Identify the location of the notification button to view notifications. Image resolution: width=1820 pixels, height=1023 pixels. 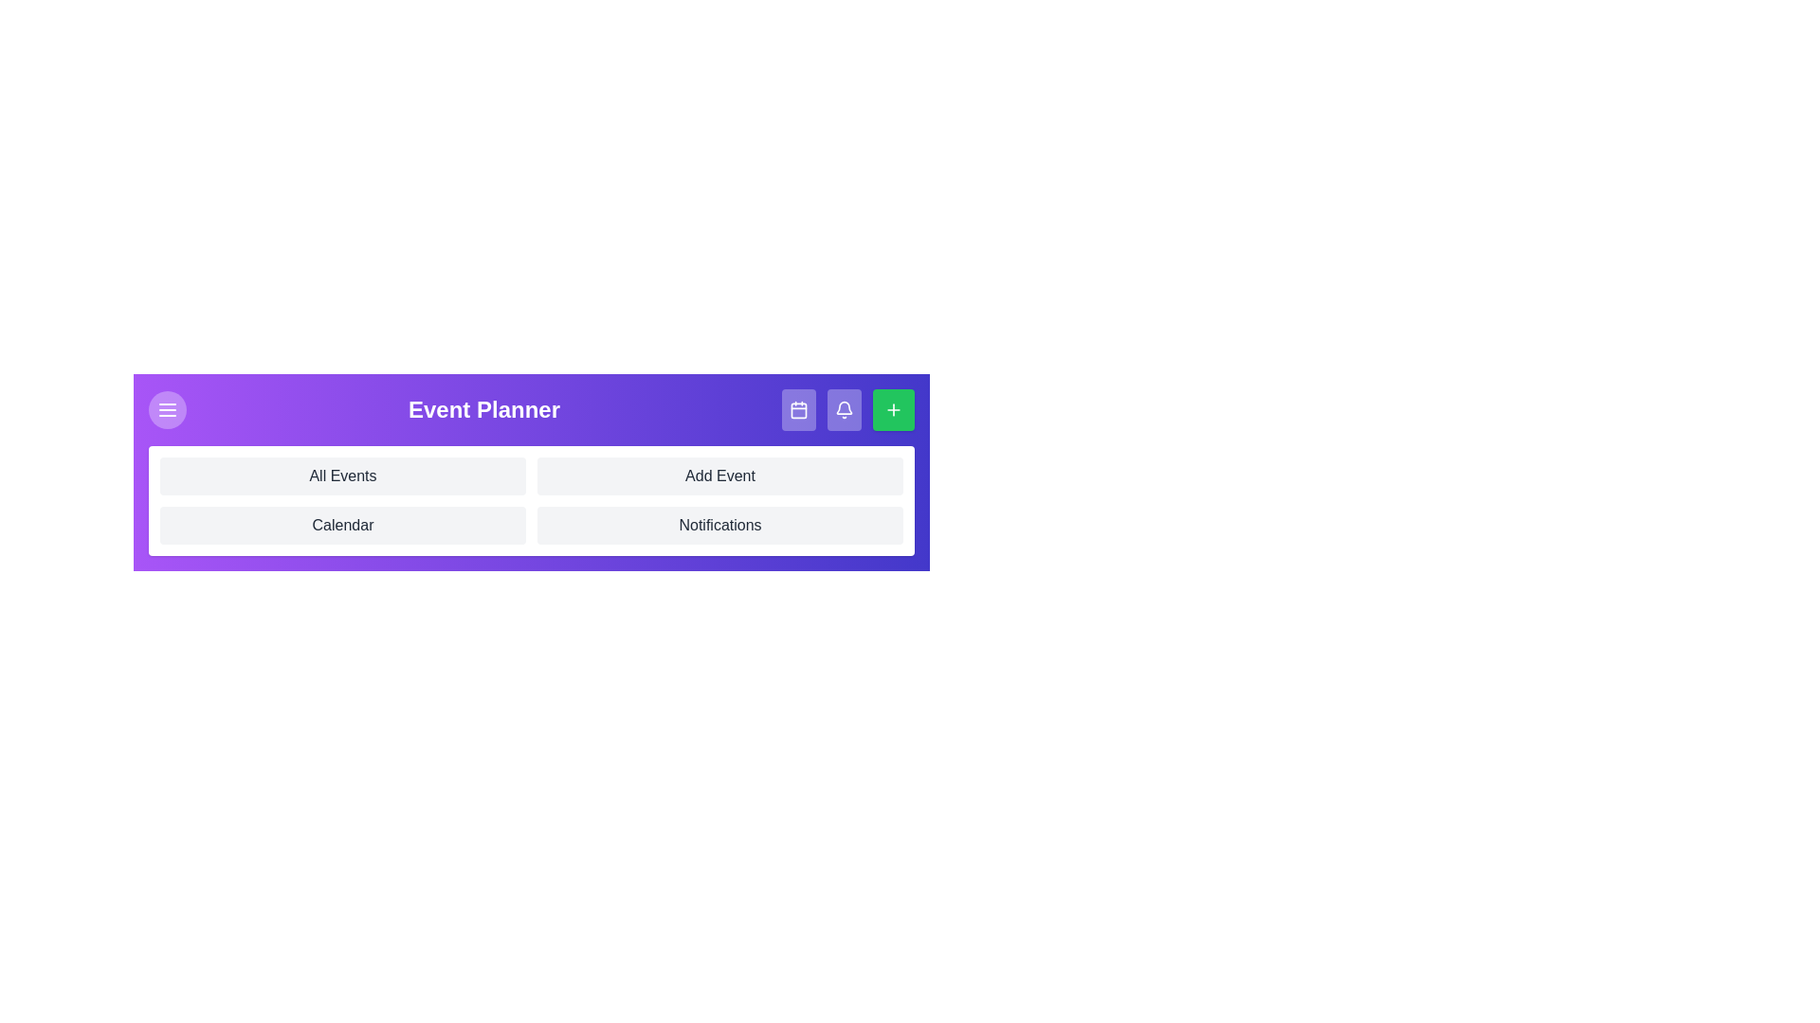
(844, 408).